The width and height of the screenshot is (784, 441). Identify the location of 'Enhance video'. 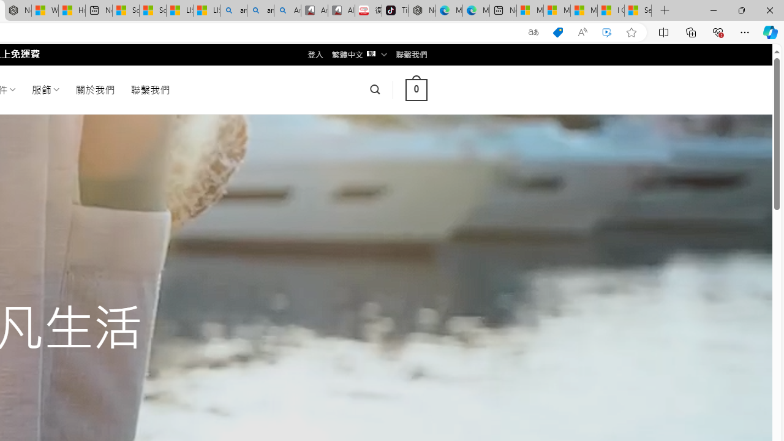
(607, 32).